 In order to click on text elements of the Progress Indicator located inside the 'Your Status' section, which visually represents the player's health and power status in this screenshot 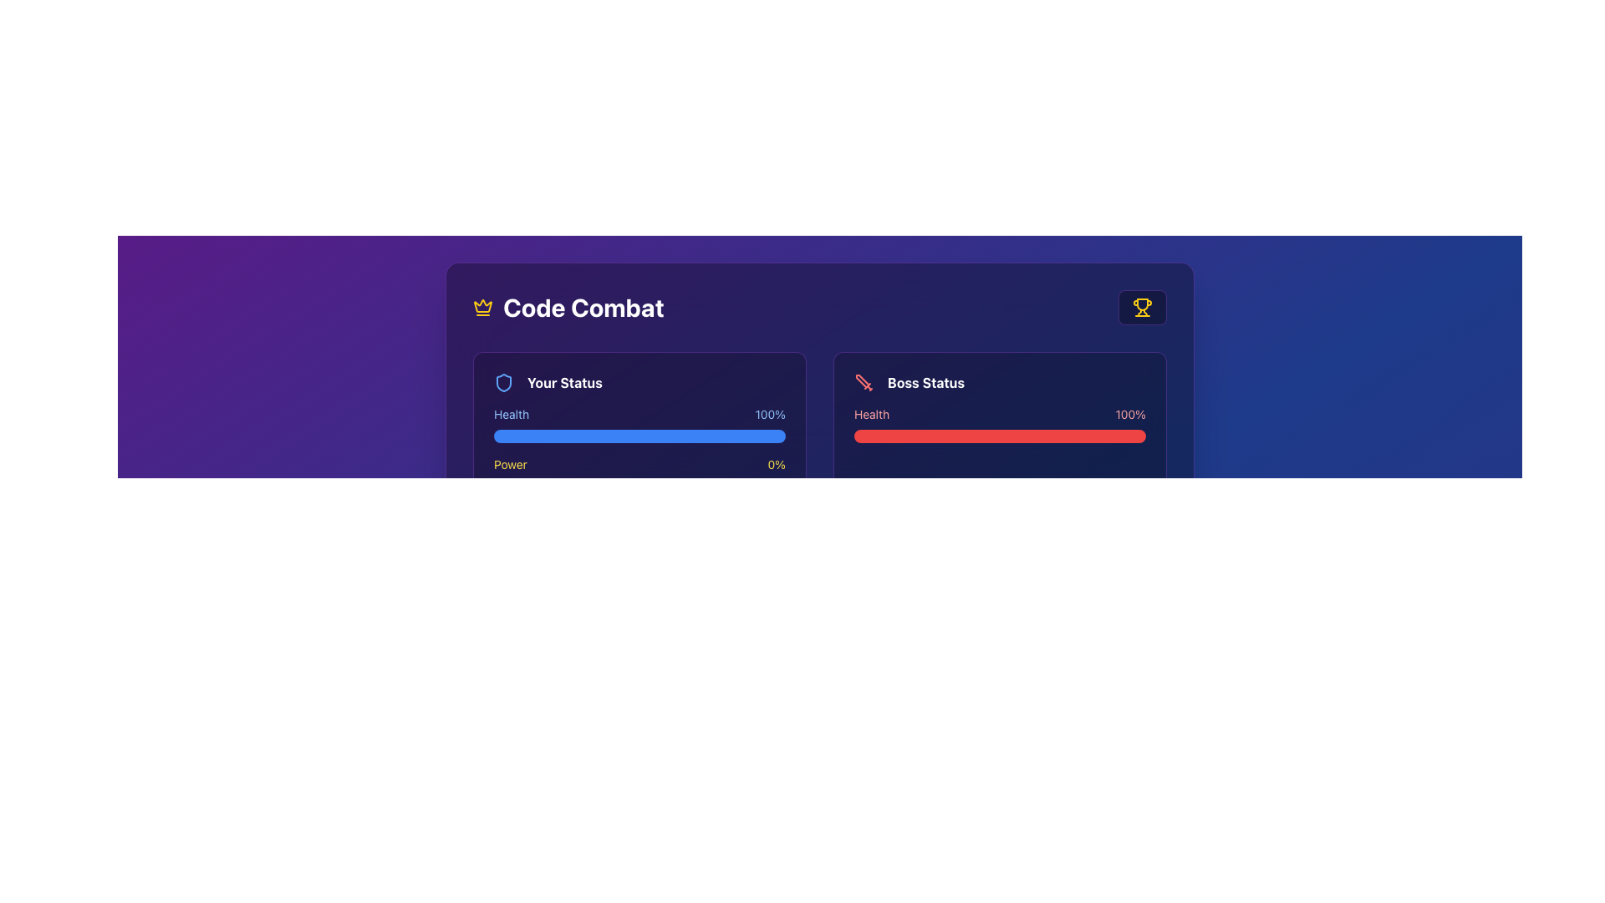, I will do `click(639, 448)`.